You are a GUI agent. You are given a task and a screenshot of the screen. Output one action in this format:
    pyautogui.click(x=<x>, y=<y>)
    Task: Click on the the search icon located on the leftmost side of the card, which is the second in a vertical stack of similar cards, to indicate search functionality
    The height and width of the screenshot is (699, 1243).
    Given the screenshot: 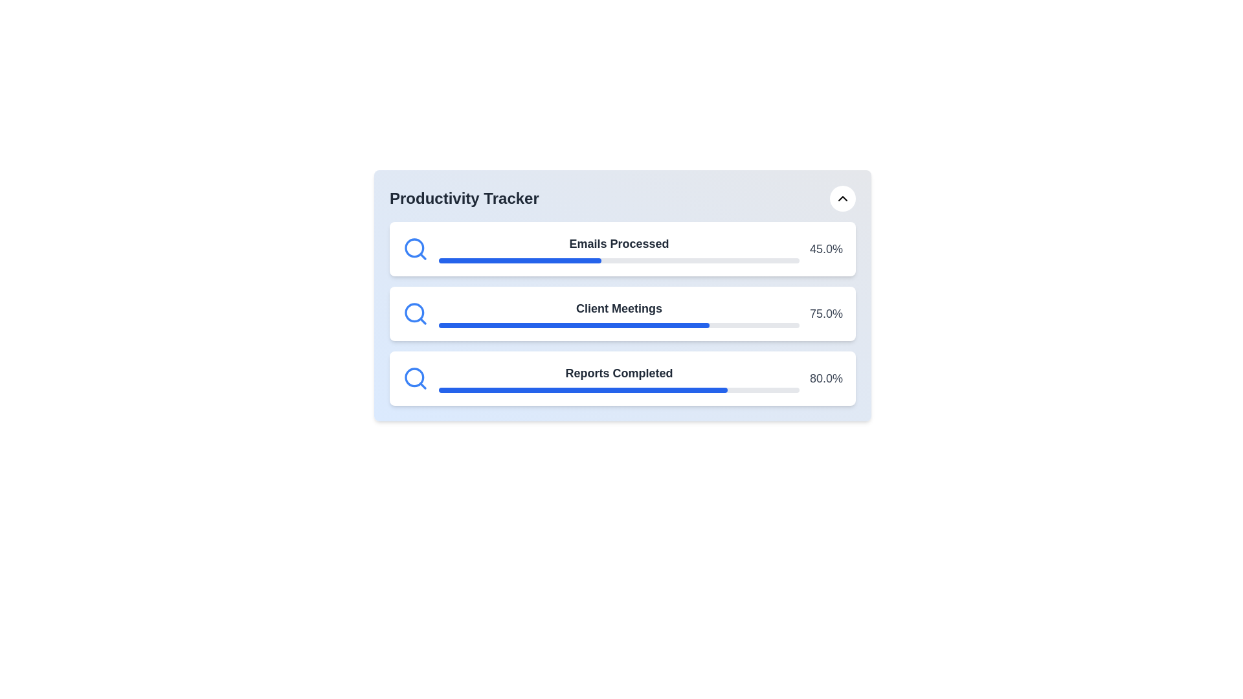 What is the action you would take?
    pyautogui.click(x=416, y=314)
    